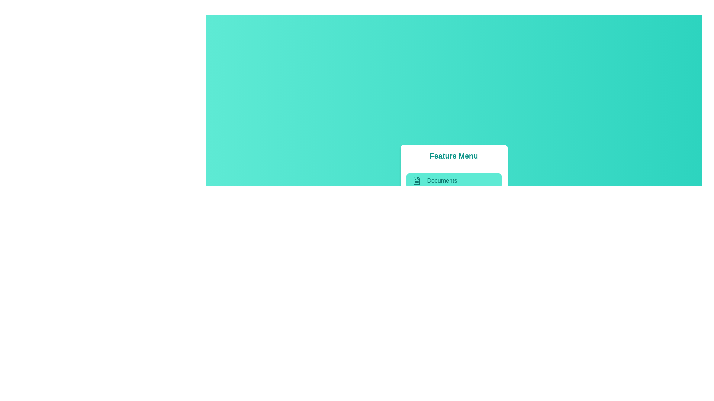 The height and width of the screenshot is (401, 714). I want to click on the 'Documents' icon, so click(416, 180).